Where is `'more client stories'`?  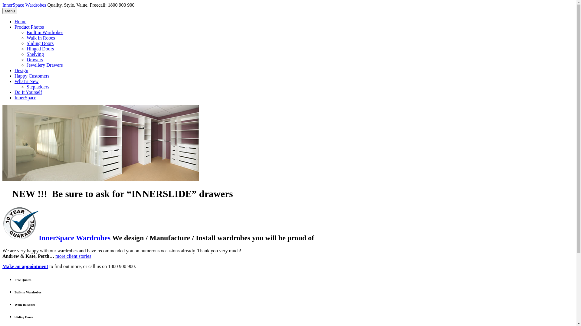 'more client stories' is located at coordinates (55, 256).